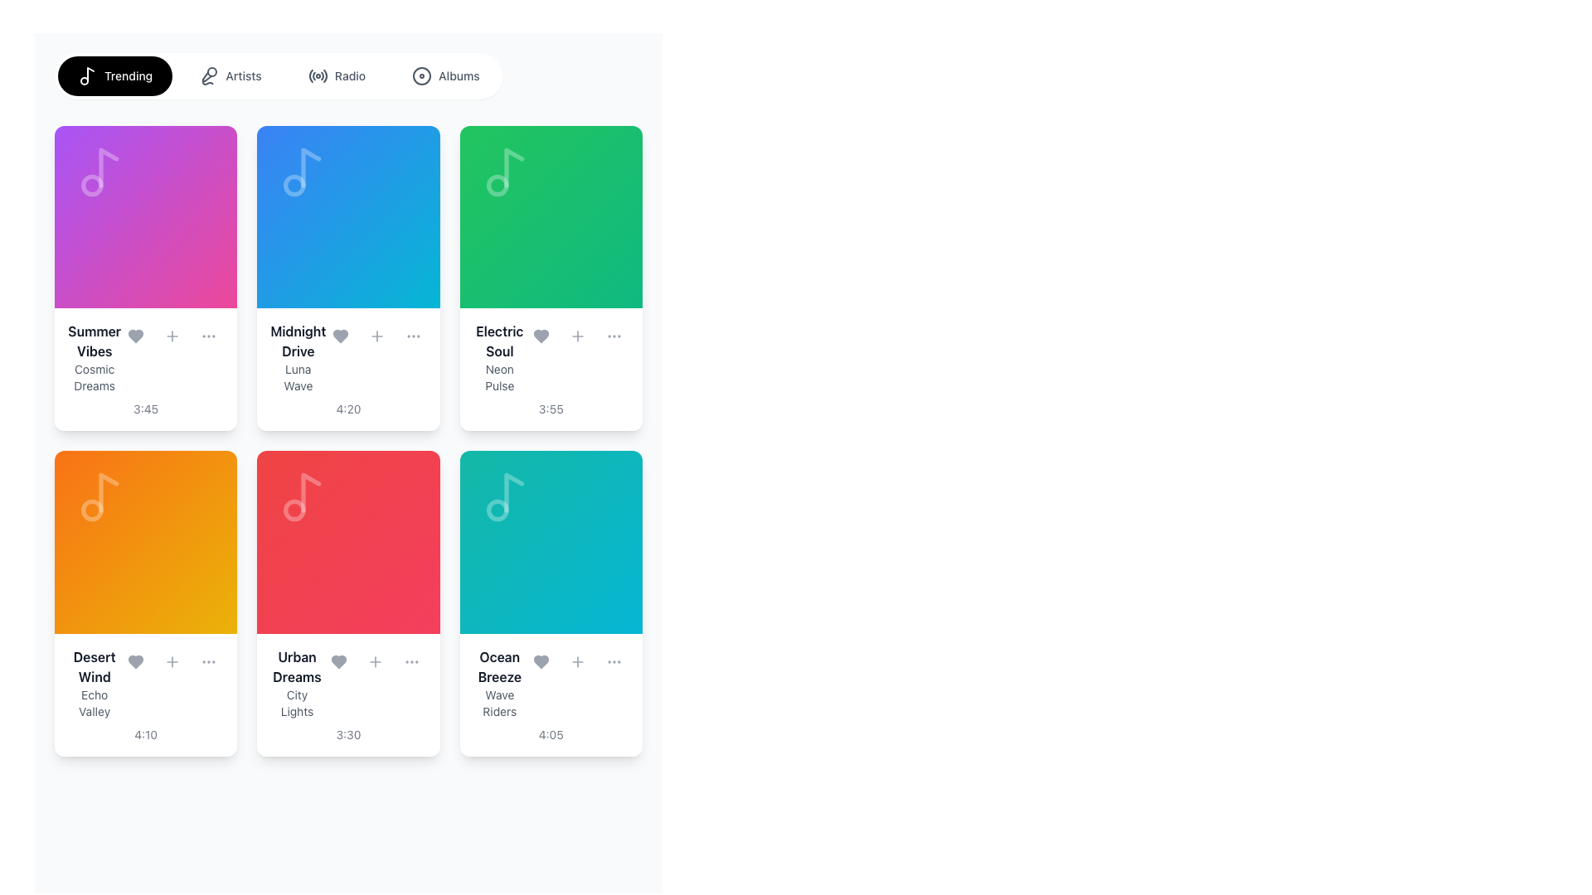  What do you see at coordinates (147, 542) in the screenshot?
I see `the interactive play button located in the circular button centered in the card labeled 'Desert Wind'` at bounding box center [147, 542].